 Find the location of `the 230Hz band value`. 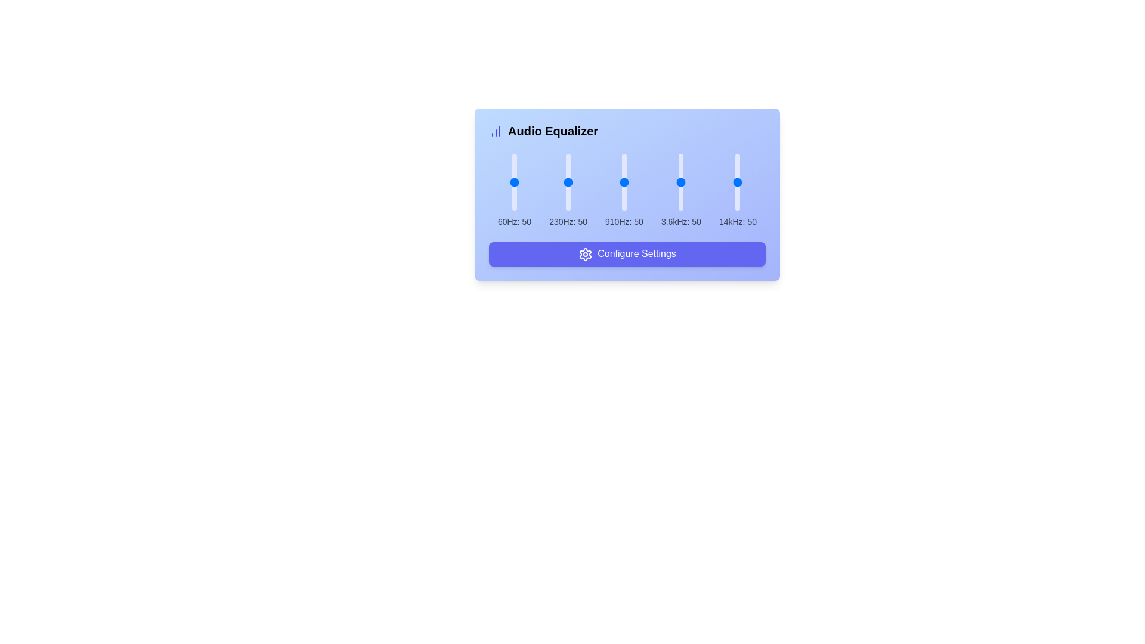

the 230Hz band value is located at coordinates (568, 166).